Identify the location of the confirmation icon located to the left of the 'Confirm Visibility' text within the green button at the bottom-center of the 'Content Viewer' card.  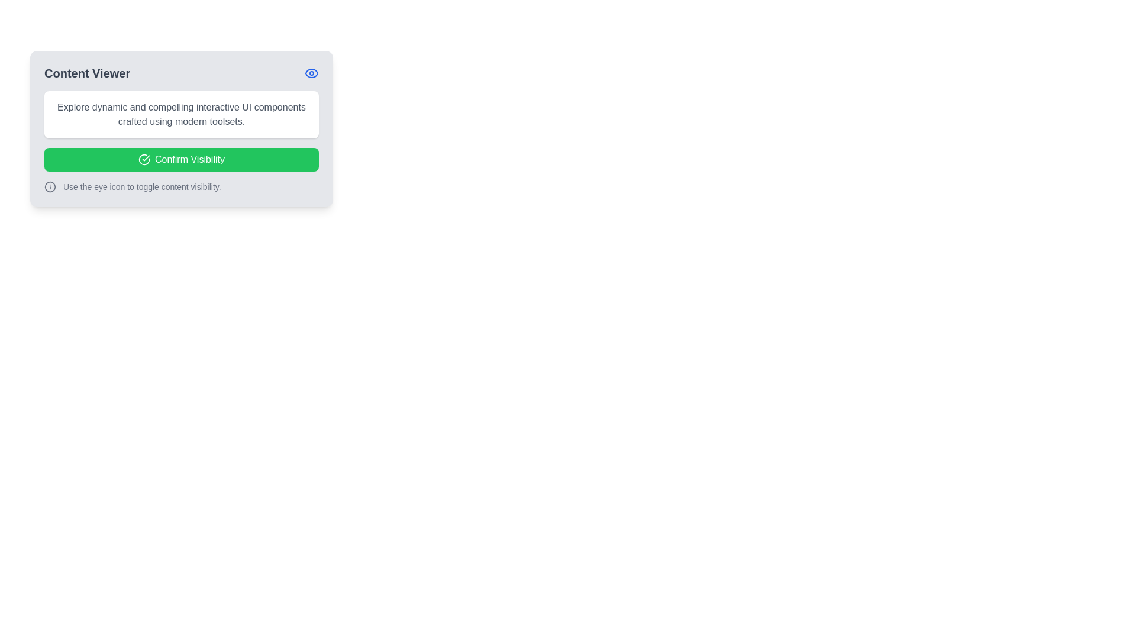
(144, 160).